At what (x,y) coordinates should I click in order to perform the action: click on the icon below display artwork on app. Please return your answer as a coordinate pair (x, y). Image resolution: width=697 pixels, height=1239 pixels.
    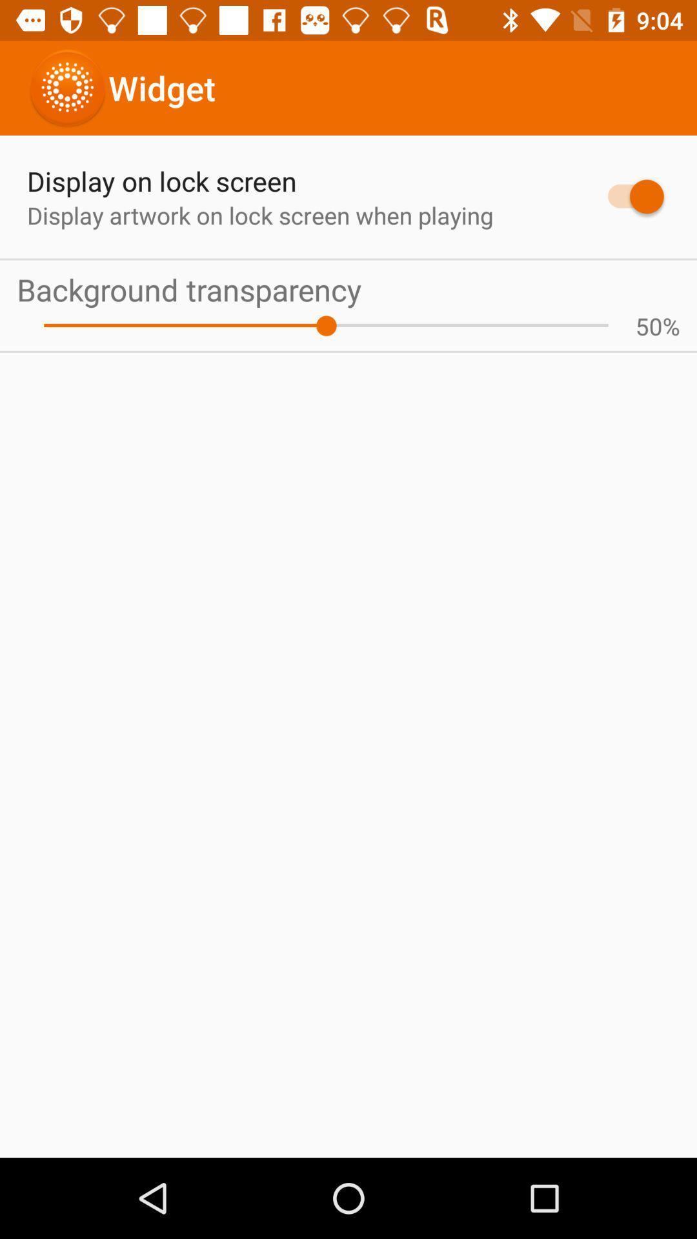
    Looking at the image, I should click on (348, 288).